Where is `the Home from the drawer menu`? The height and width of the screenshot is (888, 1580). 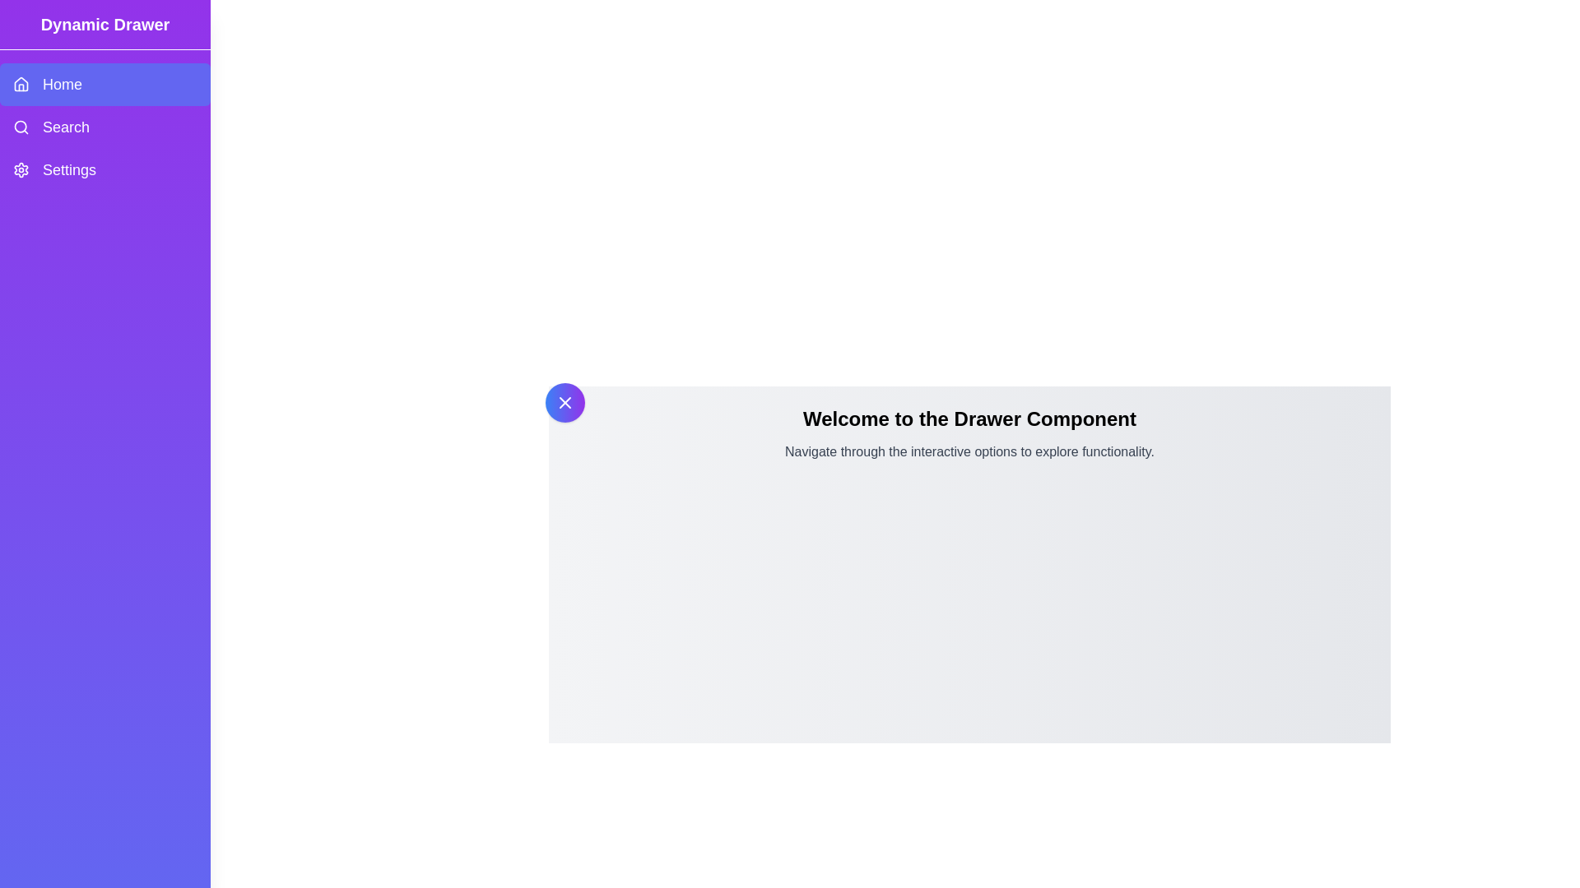
the Home from the drawer menu is located at coordinates (105, 85).